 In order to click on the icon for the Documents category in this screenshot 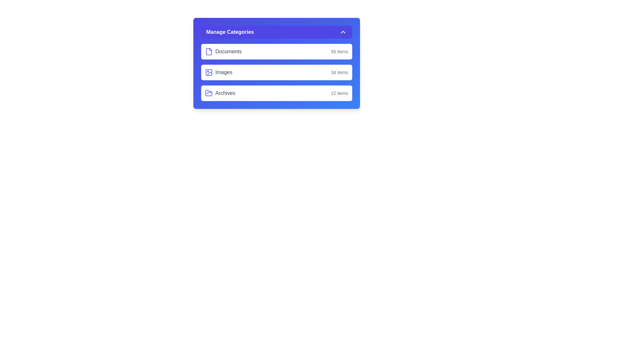, I will do `click(209, 51)`.